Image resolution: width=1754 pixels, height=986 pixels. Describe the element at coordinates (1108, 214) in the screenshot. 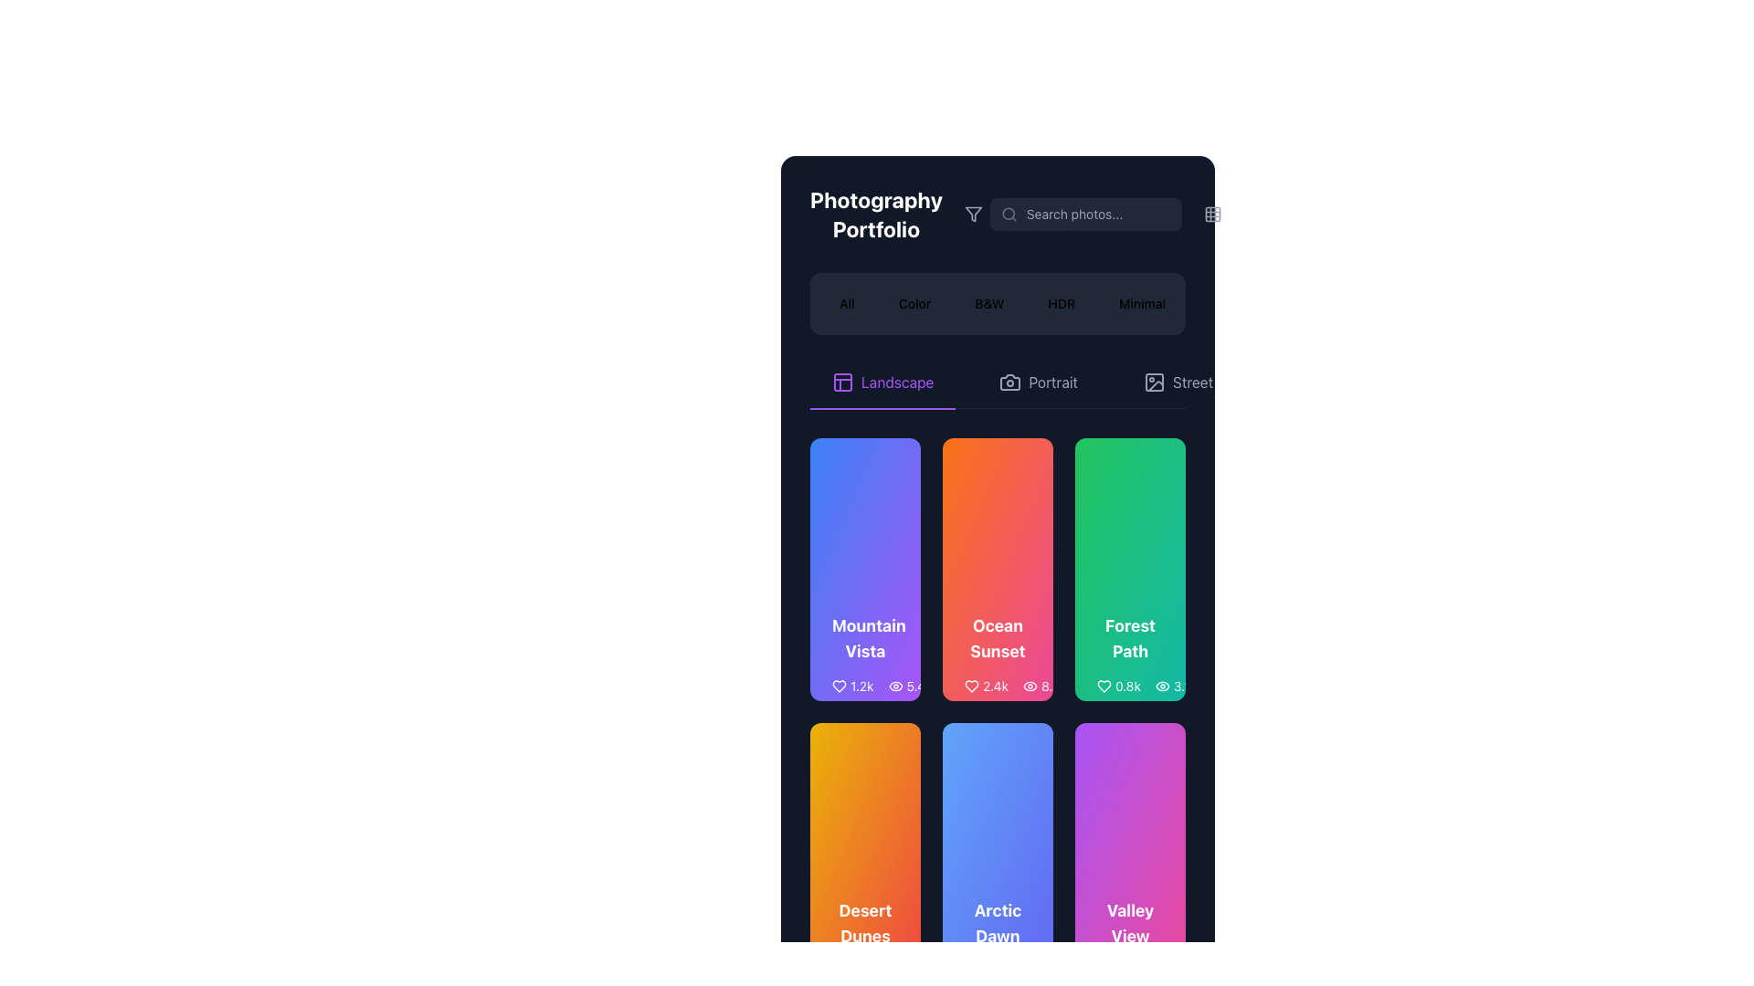

I see `the Text Input Field for search located in the middle-right section of the Photography Portfolio header to focus on it` at that location.